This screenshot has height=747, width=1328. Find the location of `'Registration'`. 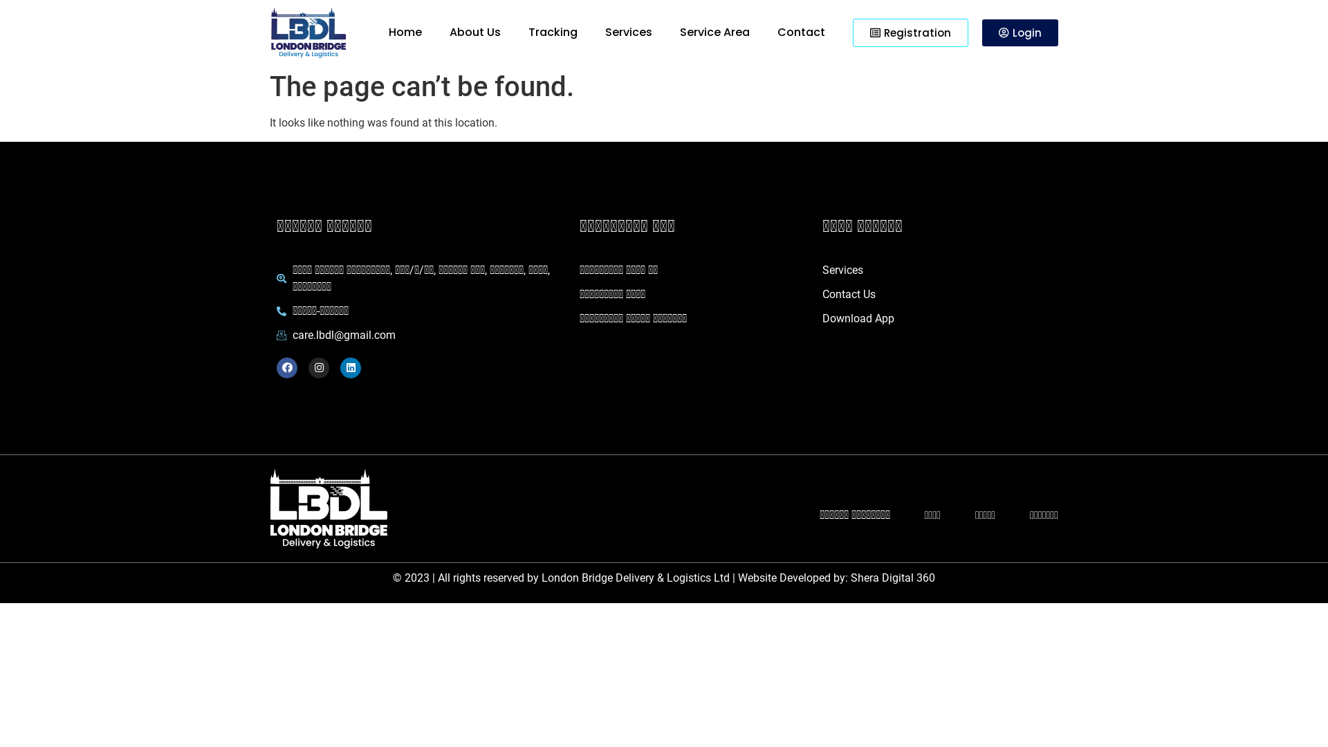

'Registration' is located at coordinates (910, 32).